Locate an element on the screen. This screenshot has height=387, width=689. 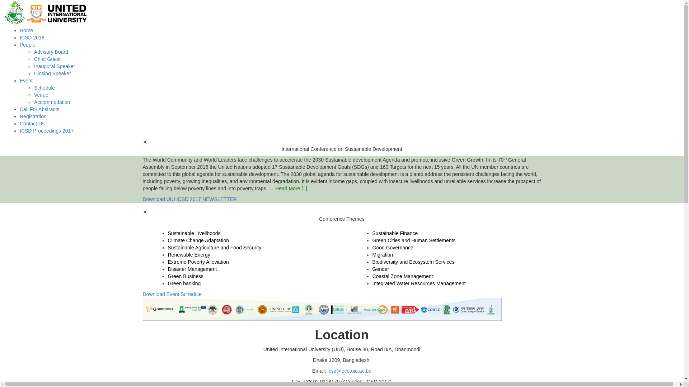
'Closing Speaker' is located at coordinates (52, 73).